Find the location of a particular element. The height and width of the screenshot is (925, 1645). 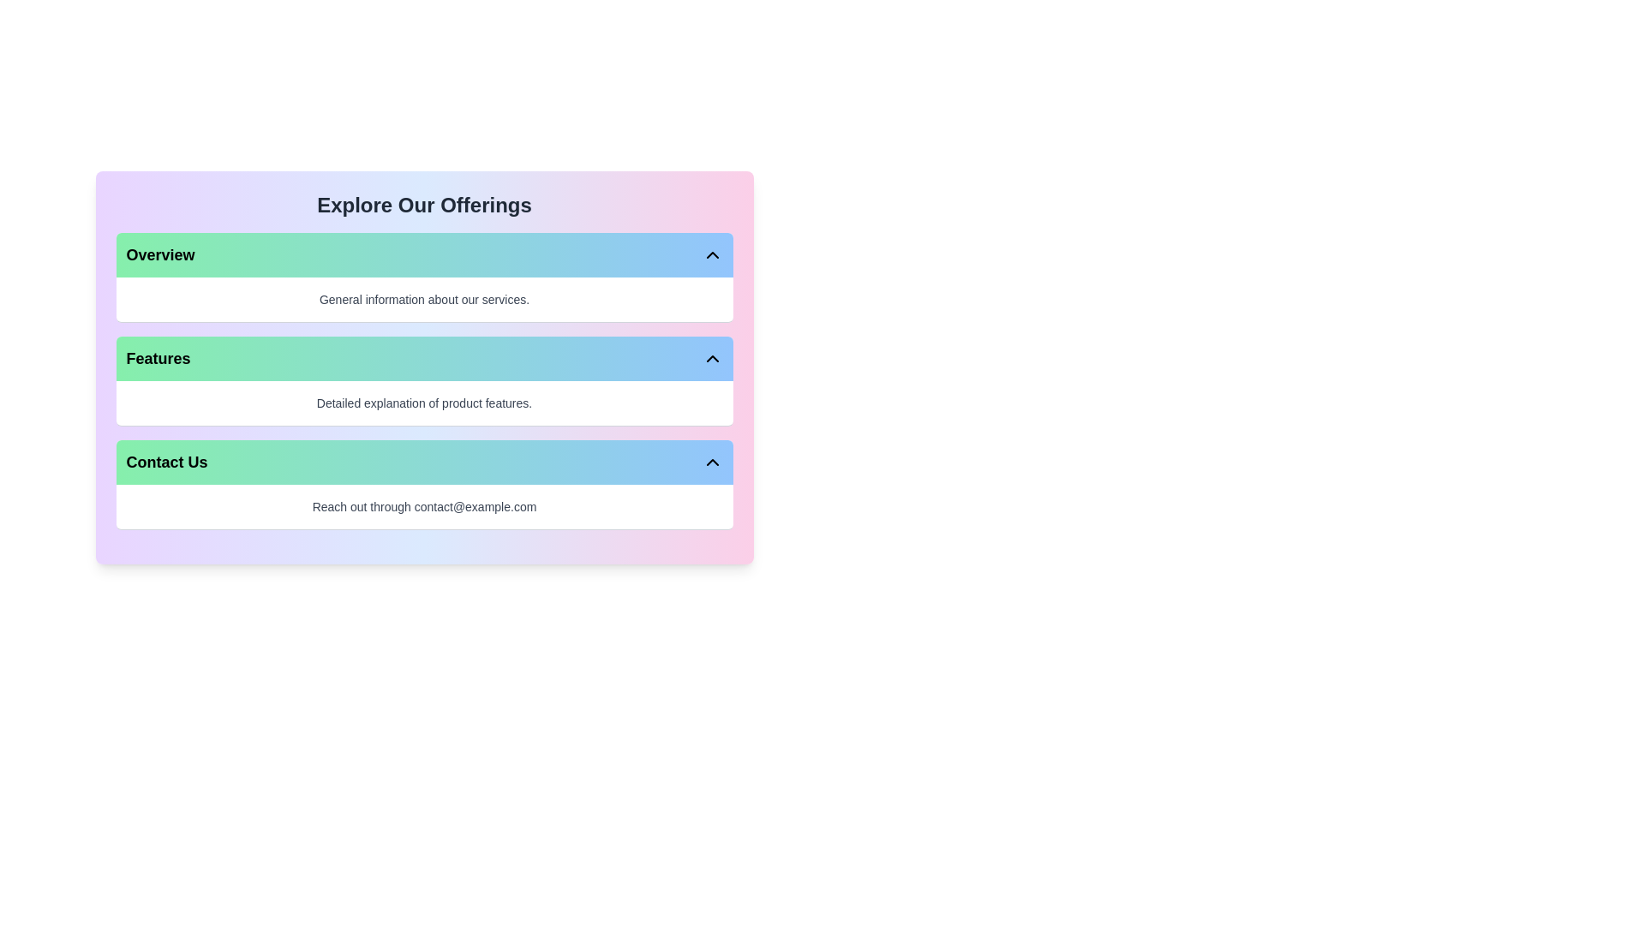

the upward-pointing chevron icon located at the far right side of the 'Features' section is located at coordinates (712, 358).